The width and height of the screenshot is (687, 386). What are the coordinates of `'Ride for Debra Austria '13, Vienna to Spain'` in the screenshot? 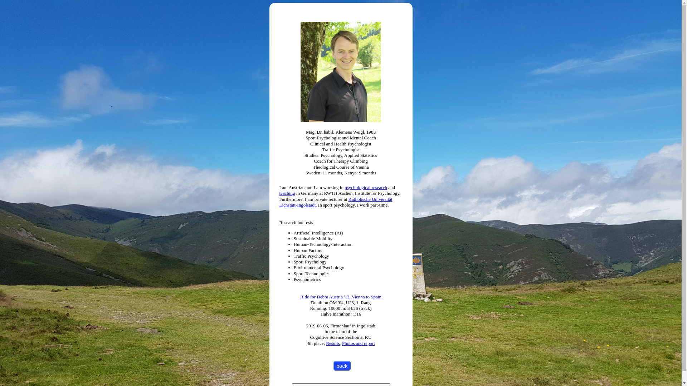 It's located at (340, 296).